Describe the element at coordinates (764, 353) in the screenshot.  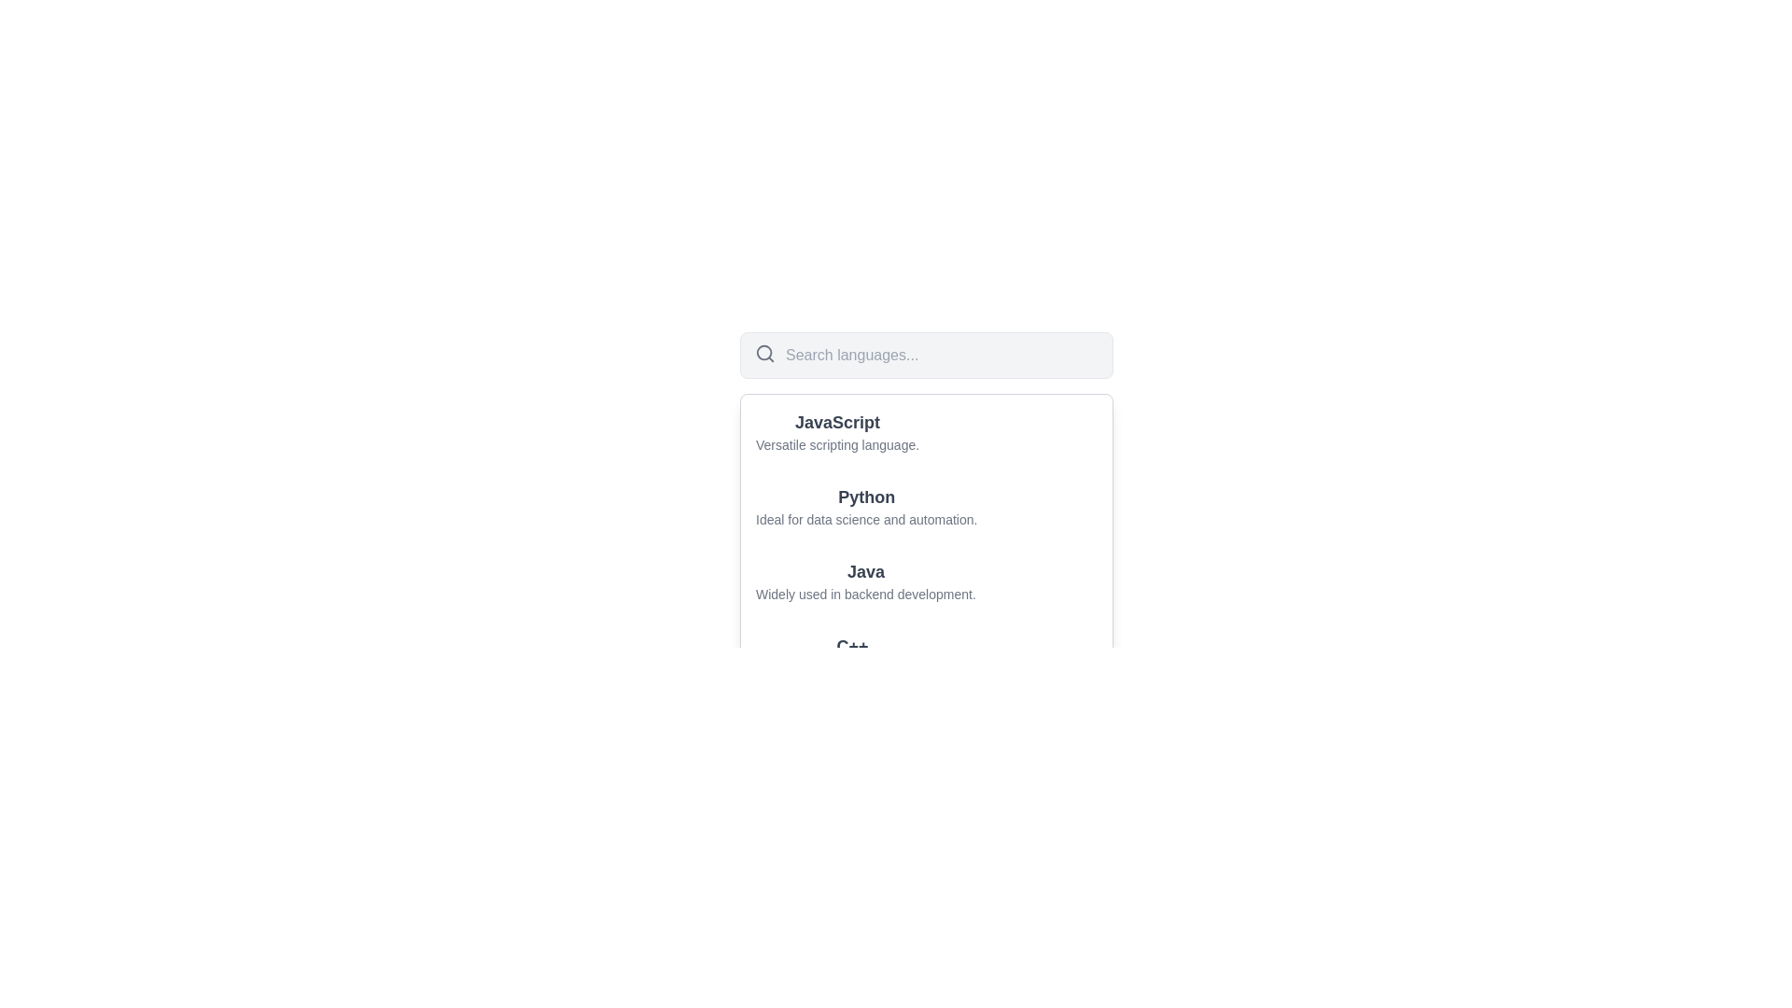
I see `the inner circular component of the magnifying glass icon, which symbolizes search functionality` at that location.